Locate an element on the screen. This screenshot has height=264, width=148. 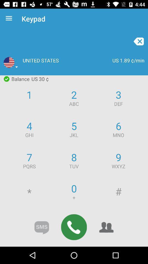
the close icon is located at coordinates (139, 41).